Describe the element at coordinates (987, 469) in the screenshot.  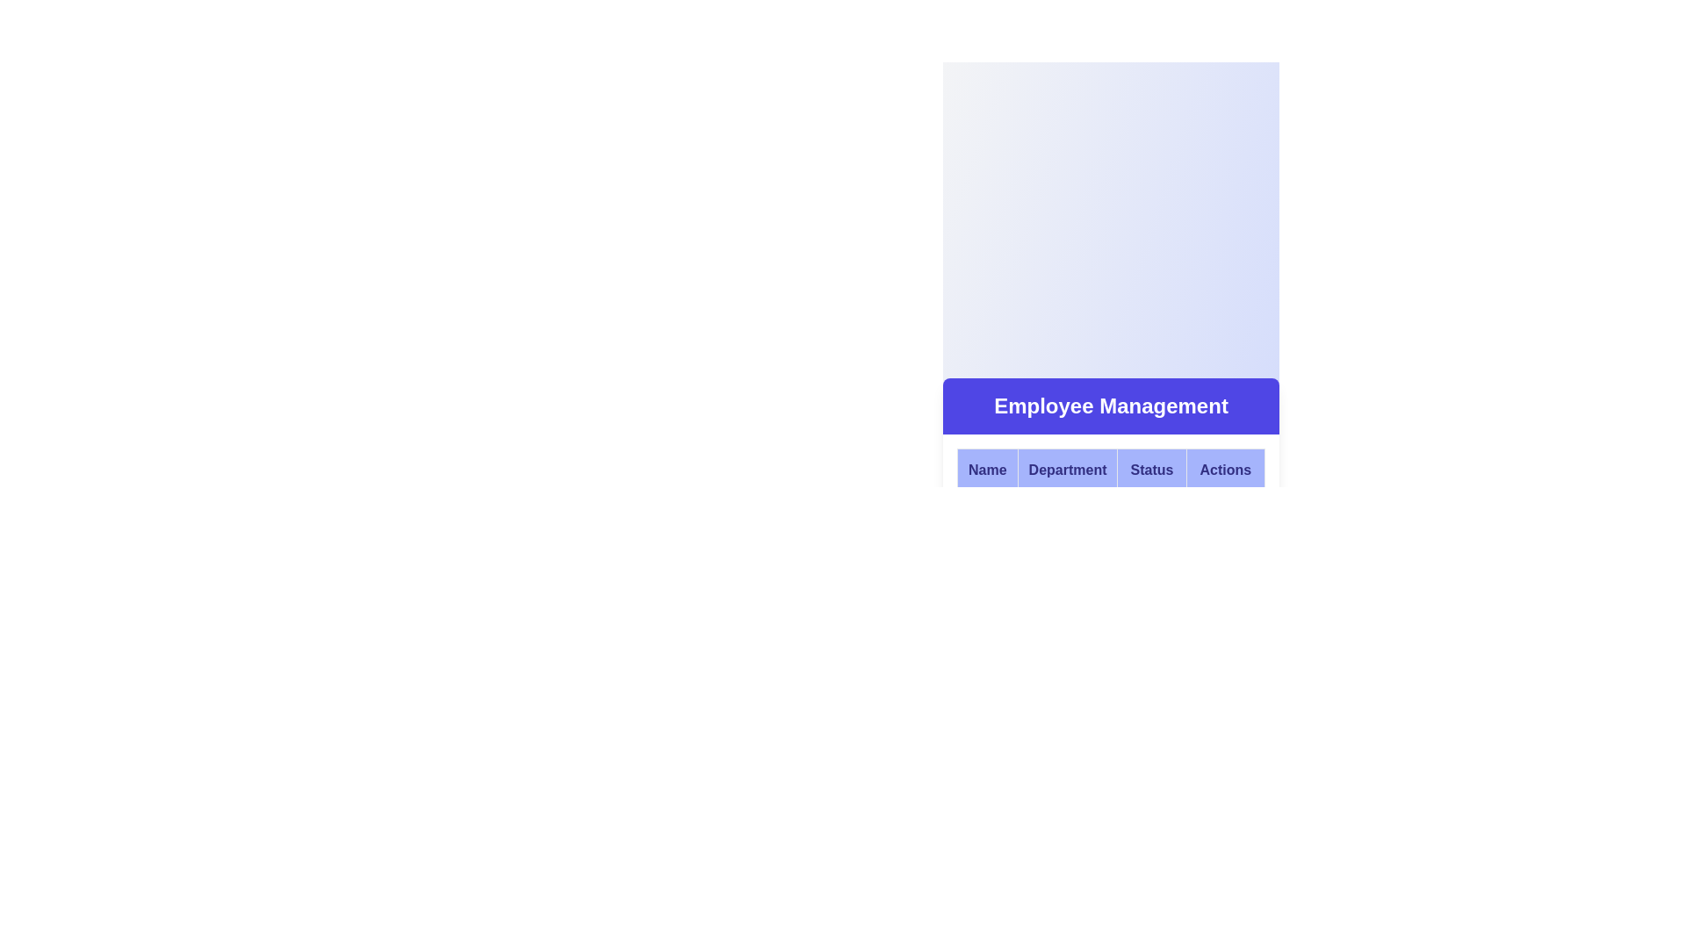
I see `text content of the 'Name' column header located at the far left of the row under the 'Employee Management' header` at that location.